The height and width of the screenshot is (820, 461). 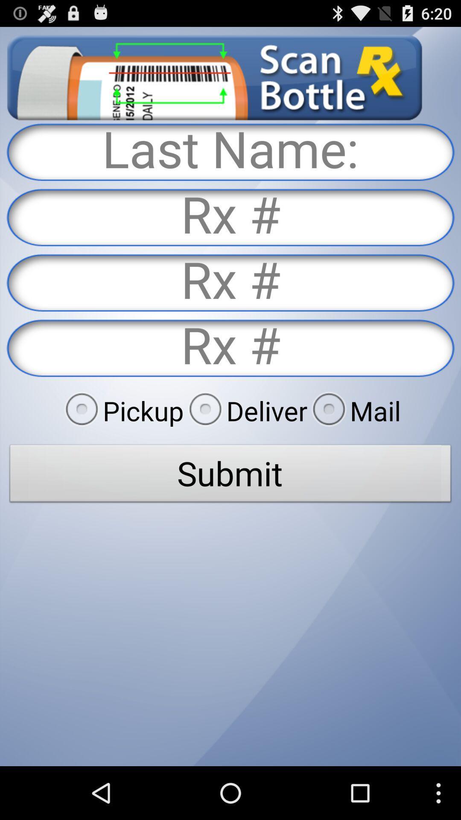 What do you see at coordinates (245, 410) in the screenshot?
I see `icon to the left of mail` at bounding box center [245, 410].